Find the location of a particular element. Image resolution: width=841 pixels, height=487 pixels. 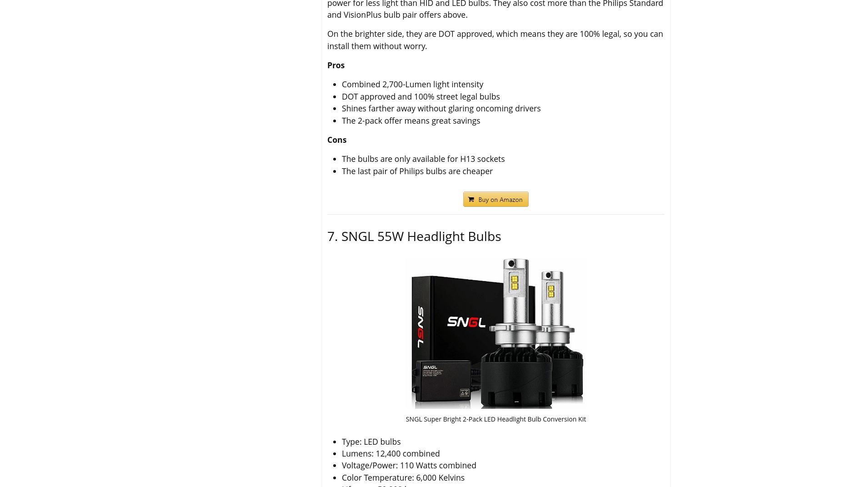

'SNGL Super Bright 2-Pack LED Headlight Bulb Conversion Kit' is located at coordinates (495, 418).